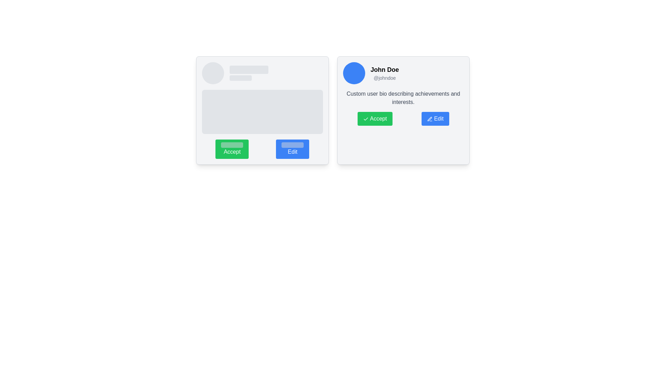 The image size is (664, 373). Describe the element at coordinates (293, 149) in the screenshot. I see `the second button located to the right of the 'Accept' button to initiate the editing operation` at that location.